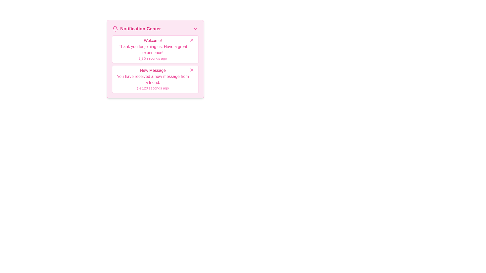  I want to click on the decorative circle icon of the clock, which is part of the notification panel indicating time related to the notification, positioned to the left of the text '120 seconds ago', so click(141, 58).